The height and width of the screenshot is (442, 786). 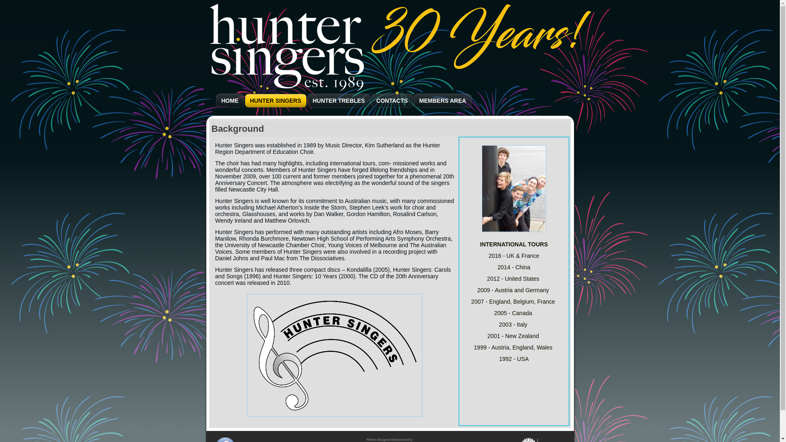 I want to click on 'MEMBERS AREA', so click(x=442, y=100).